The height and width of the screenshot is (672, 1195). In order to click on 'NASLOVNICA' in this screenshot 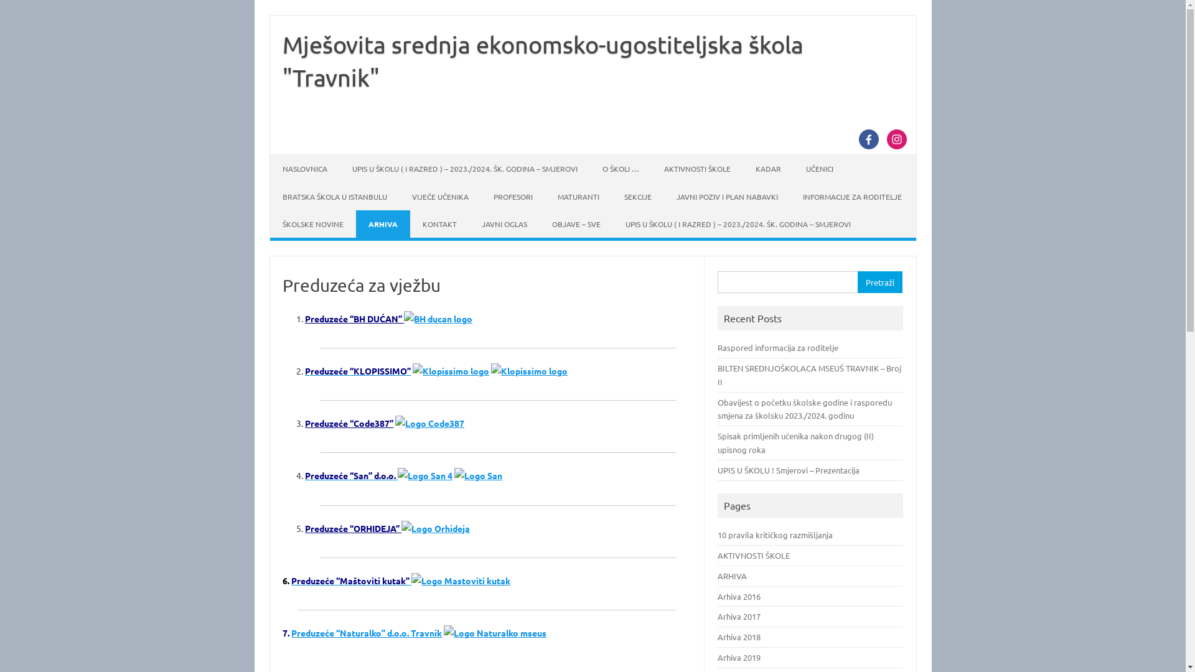, I will do `click(304, 168)`.